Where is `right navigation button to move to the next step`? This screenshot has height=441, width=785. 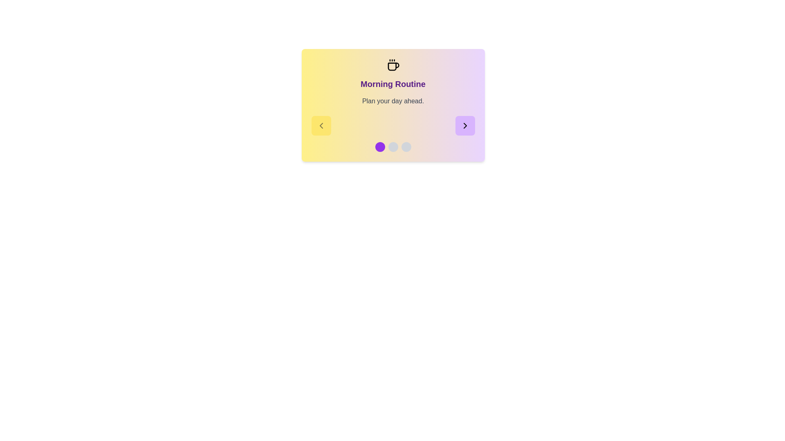
right navigation button to move to the next step is located at coordinates (465, 126).